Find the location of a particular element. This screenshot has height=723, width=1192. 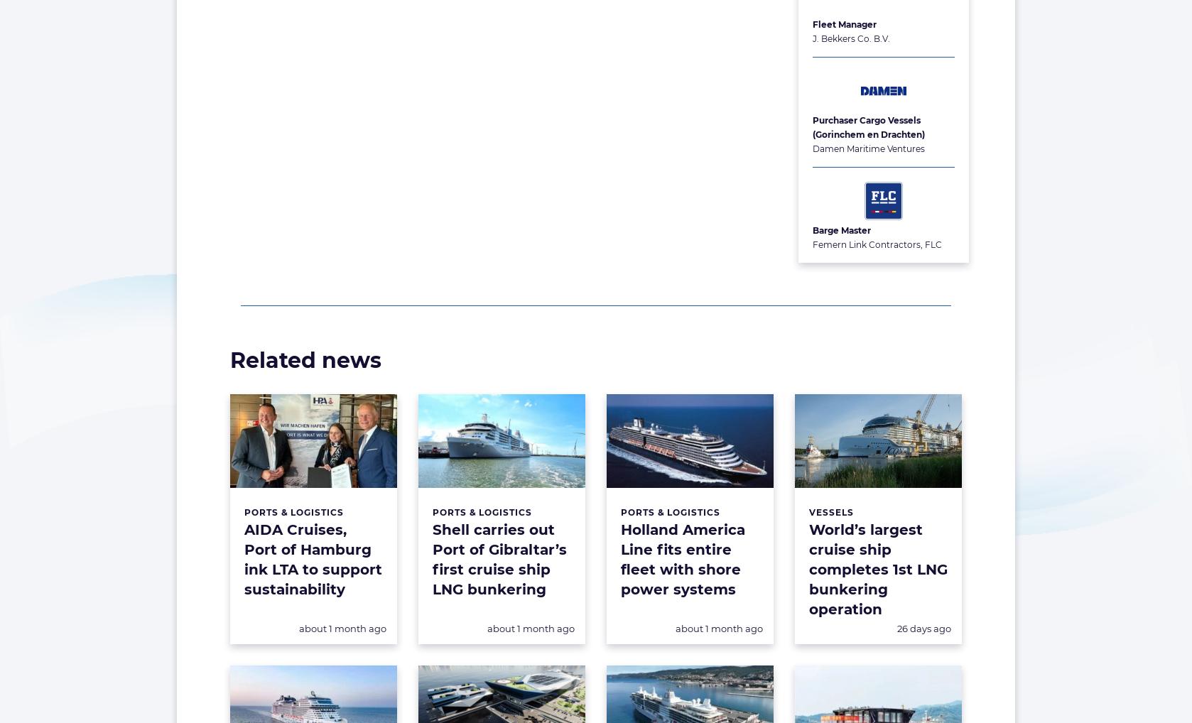

'Damen Maritime Ventures' is located at coordinates (813, 148).